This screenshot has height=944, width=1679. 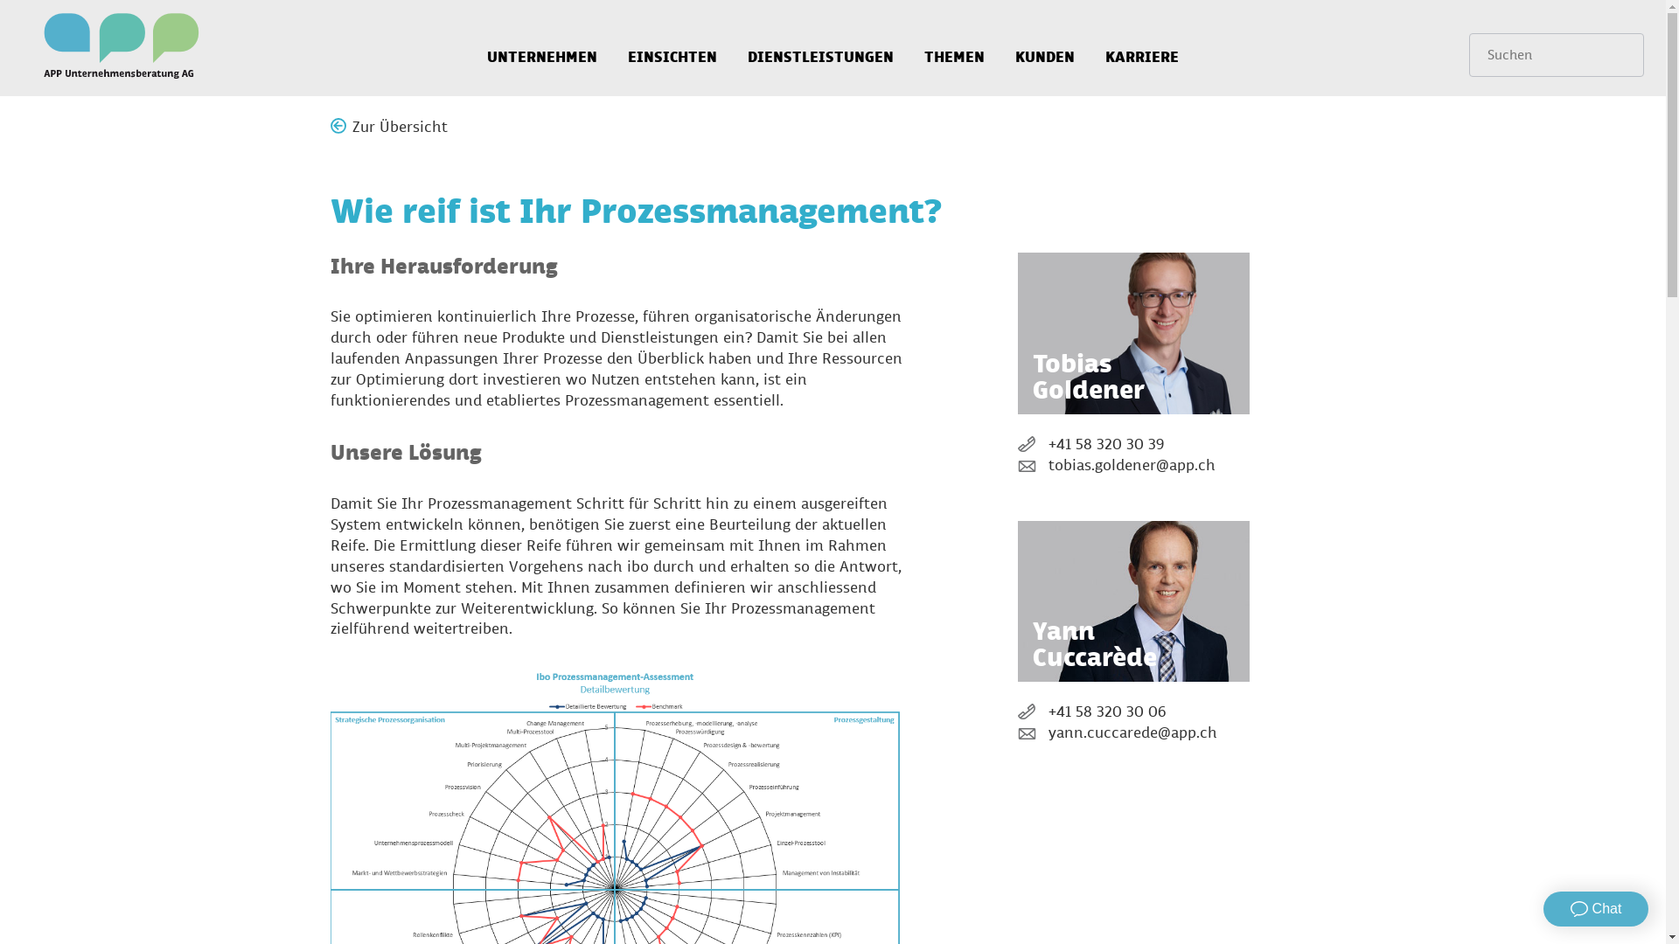 What do you see at coordinates (1045, 46) in the screenshot?
I see `'KUNDEN'` at bounding box center [1045, 46].